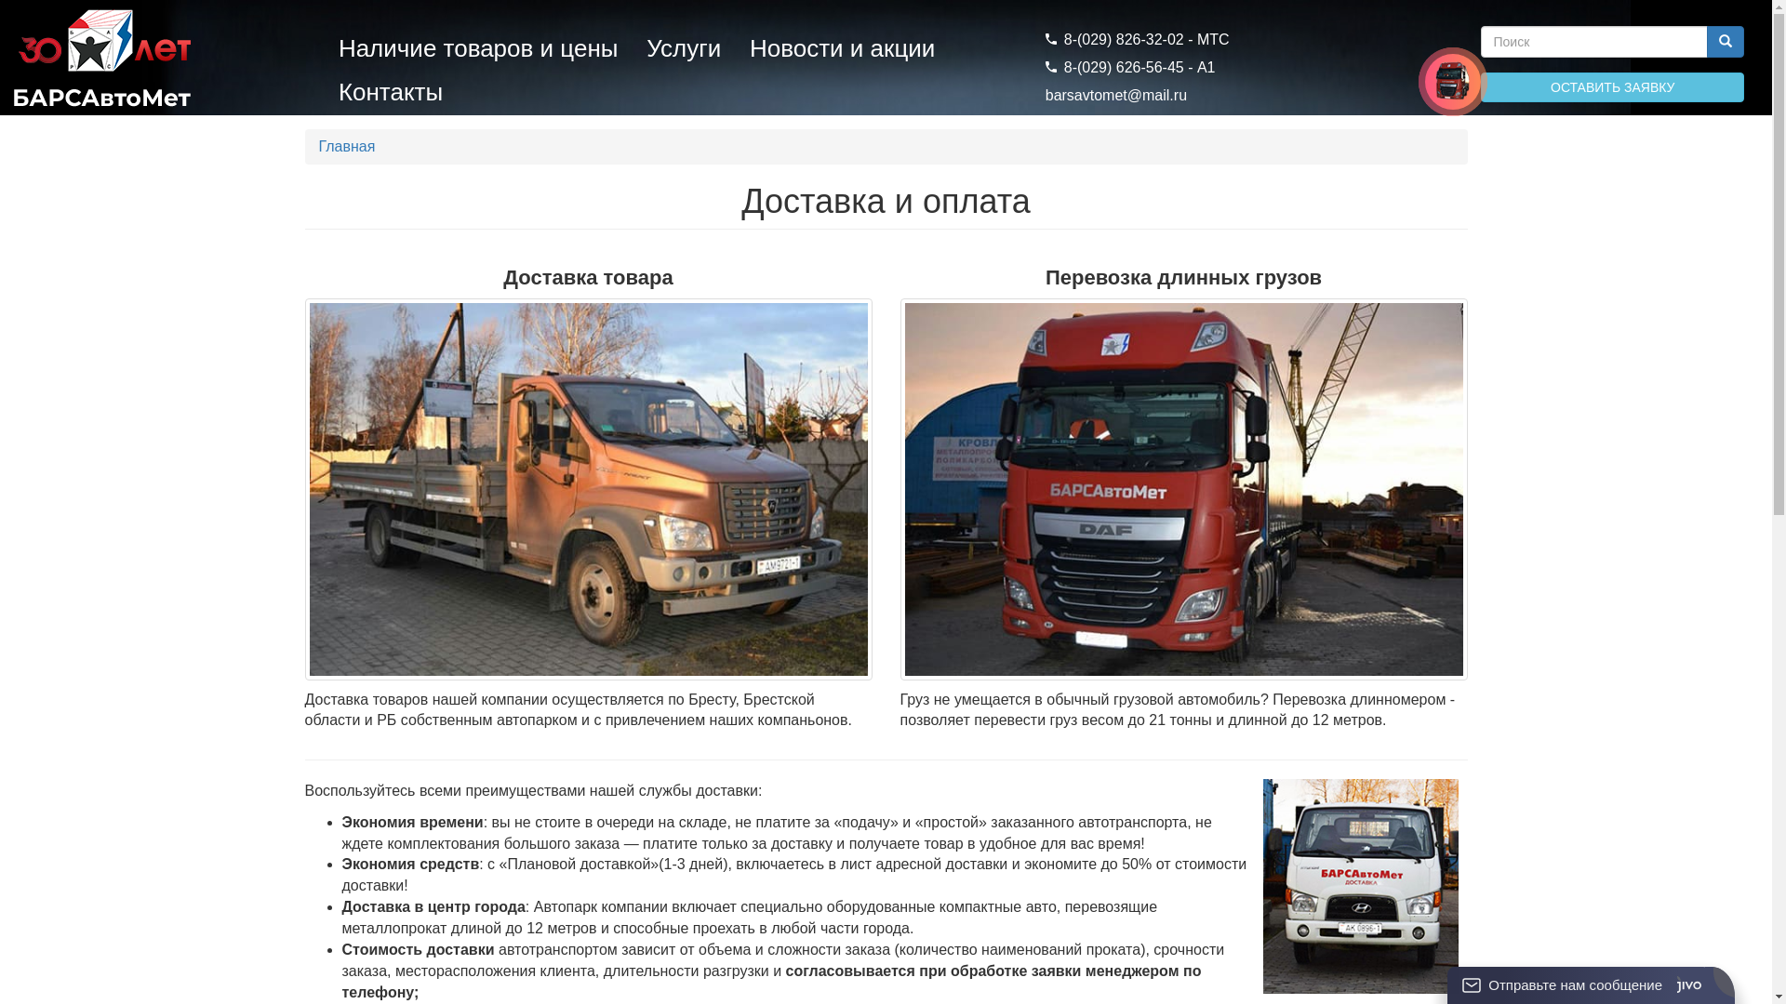 Image resolution: width=1786 pixels, height=1004 pixels. I want to click on '8-(029) 626-56-45 - A1', so click(1129, 66).